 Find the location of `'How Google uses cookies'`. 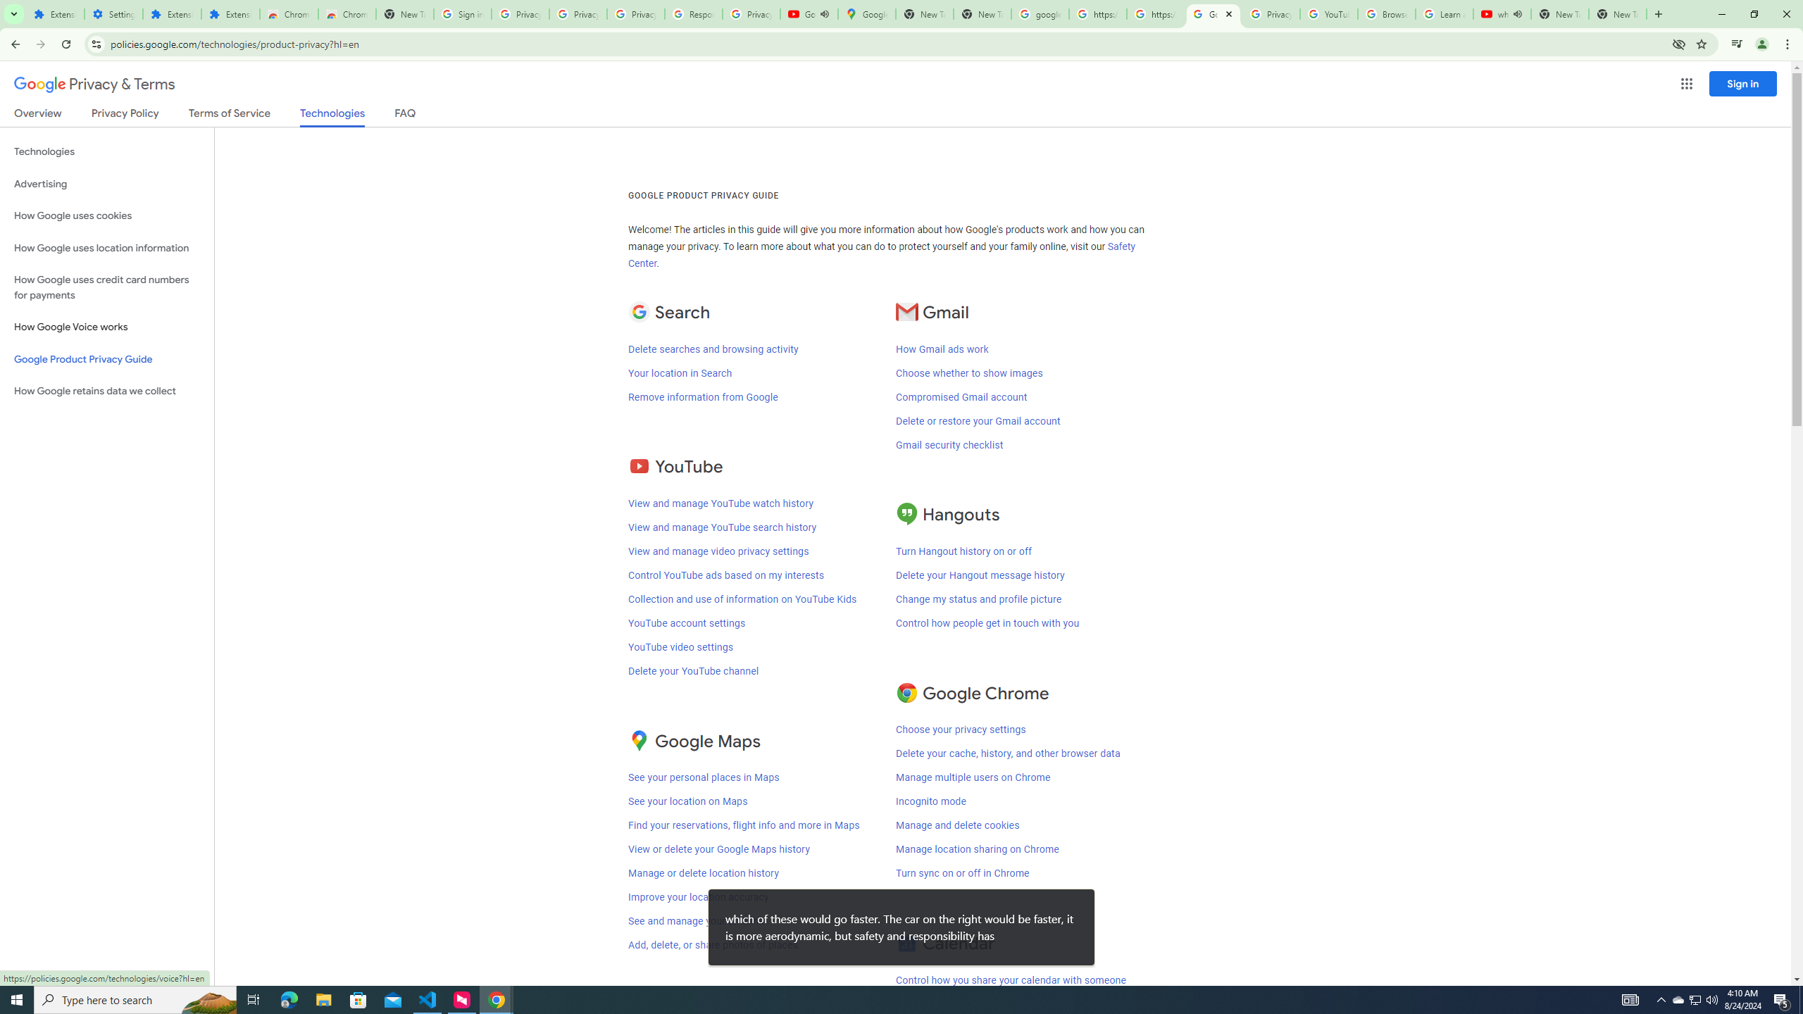

'How Google uses cookies' is located at coordinates (106, 215).